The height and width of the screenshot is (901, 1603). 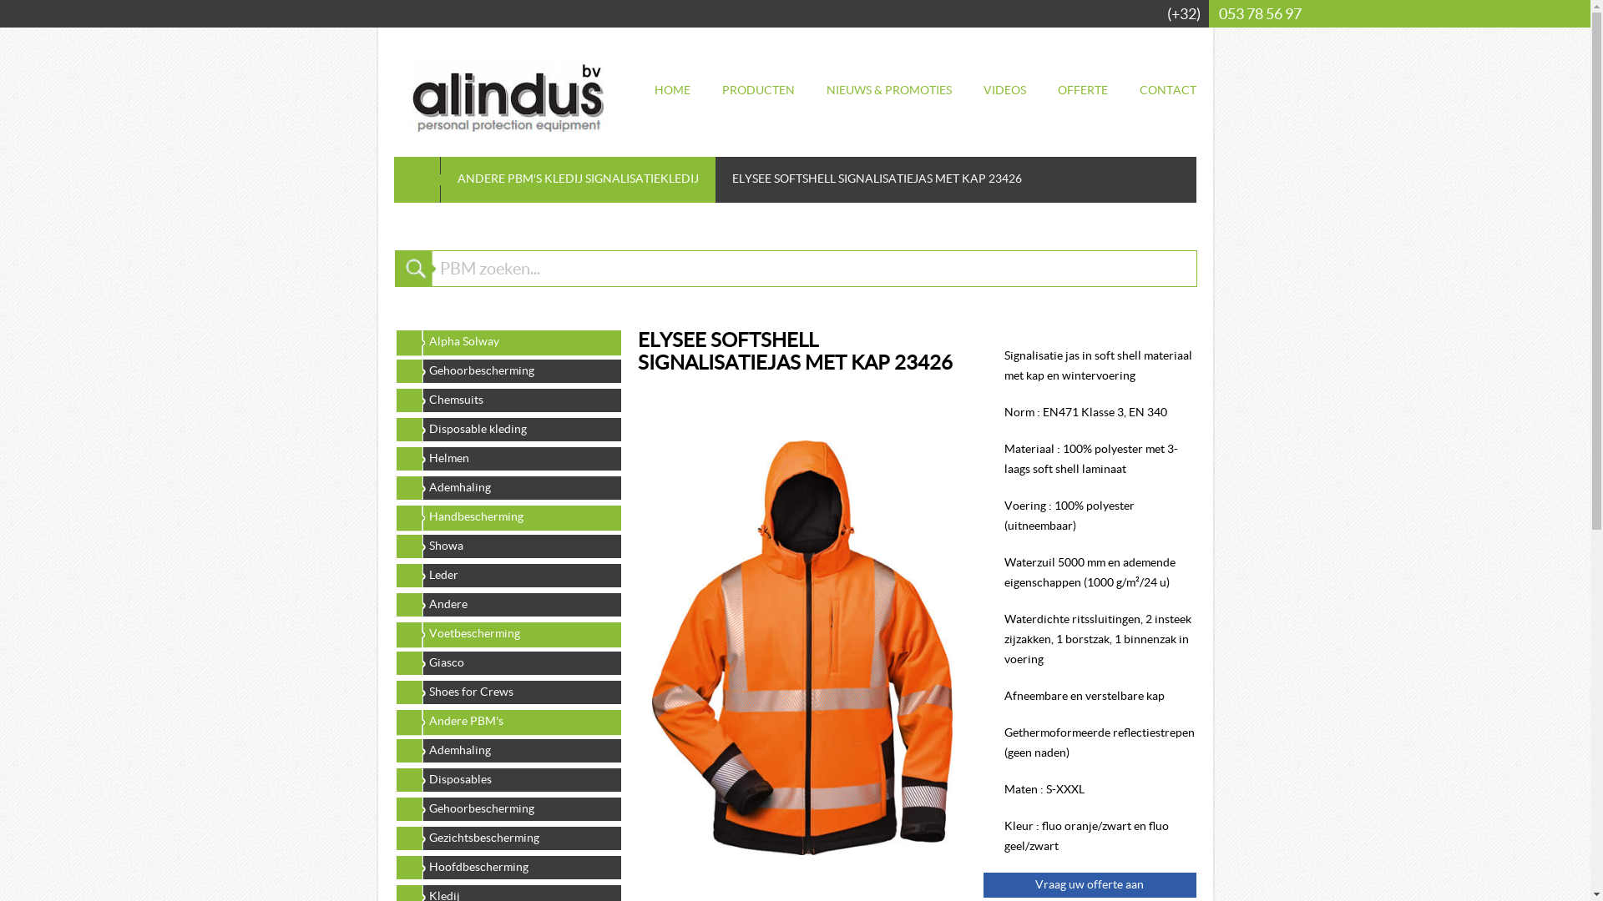 What do you see at coordinates (498, 178) in the screenshot?
I see `'ANDERE PBM'S'` at bounding box center [498, 178].